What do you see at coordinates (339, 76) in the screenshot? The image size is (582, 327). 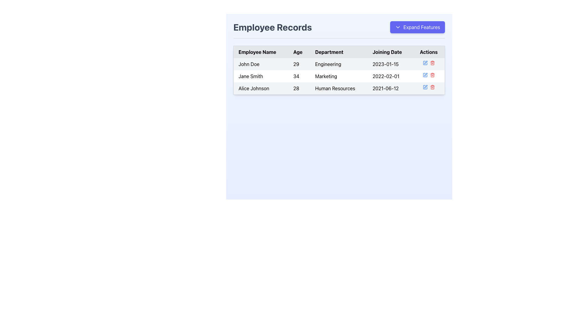 I see `the second row of the 'Employee Records' table to edit the employee's details` at bounding box center [339, 76].